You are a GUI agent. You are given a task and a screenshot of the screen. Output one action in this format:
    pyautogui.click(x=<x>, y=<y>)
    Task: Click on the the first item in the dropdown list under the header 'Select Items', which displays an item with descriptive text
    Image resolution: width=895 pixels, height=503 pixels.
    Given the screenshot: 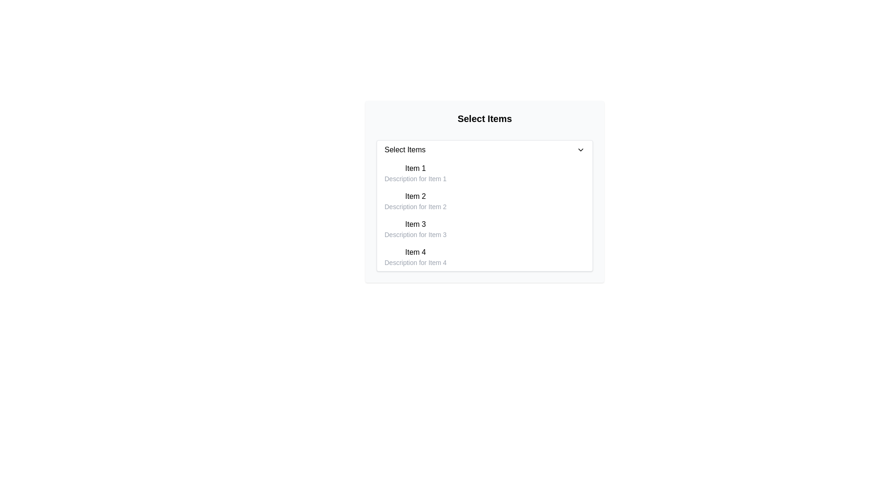 What is the action you would take?
    pyautogui.click(x=415, y=173)
    